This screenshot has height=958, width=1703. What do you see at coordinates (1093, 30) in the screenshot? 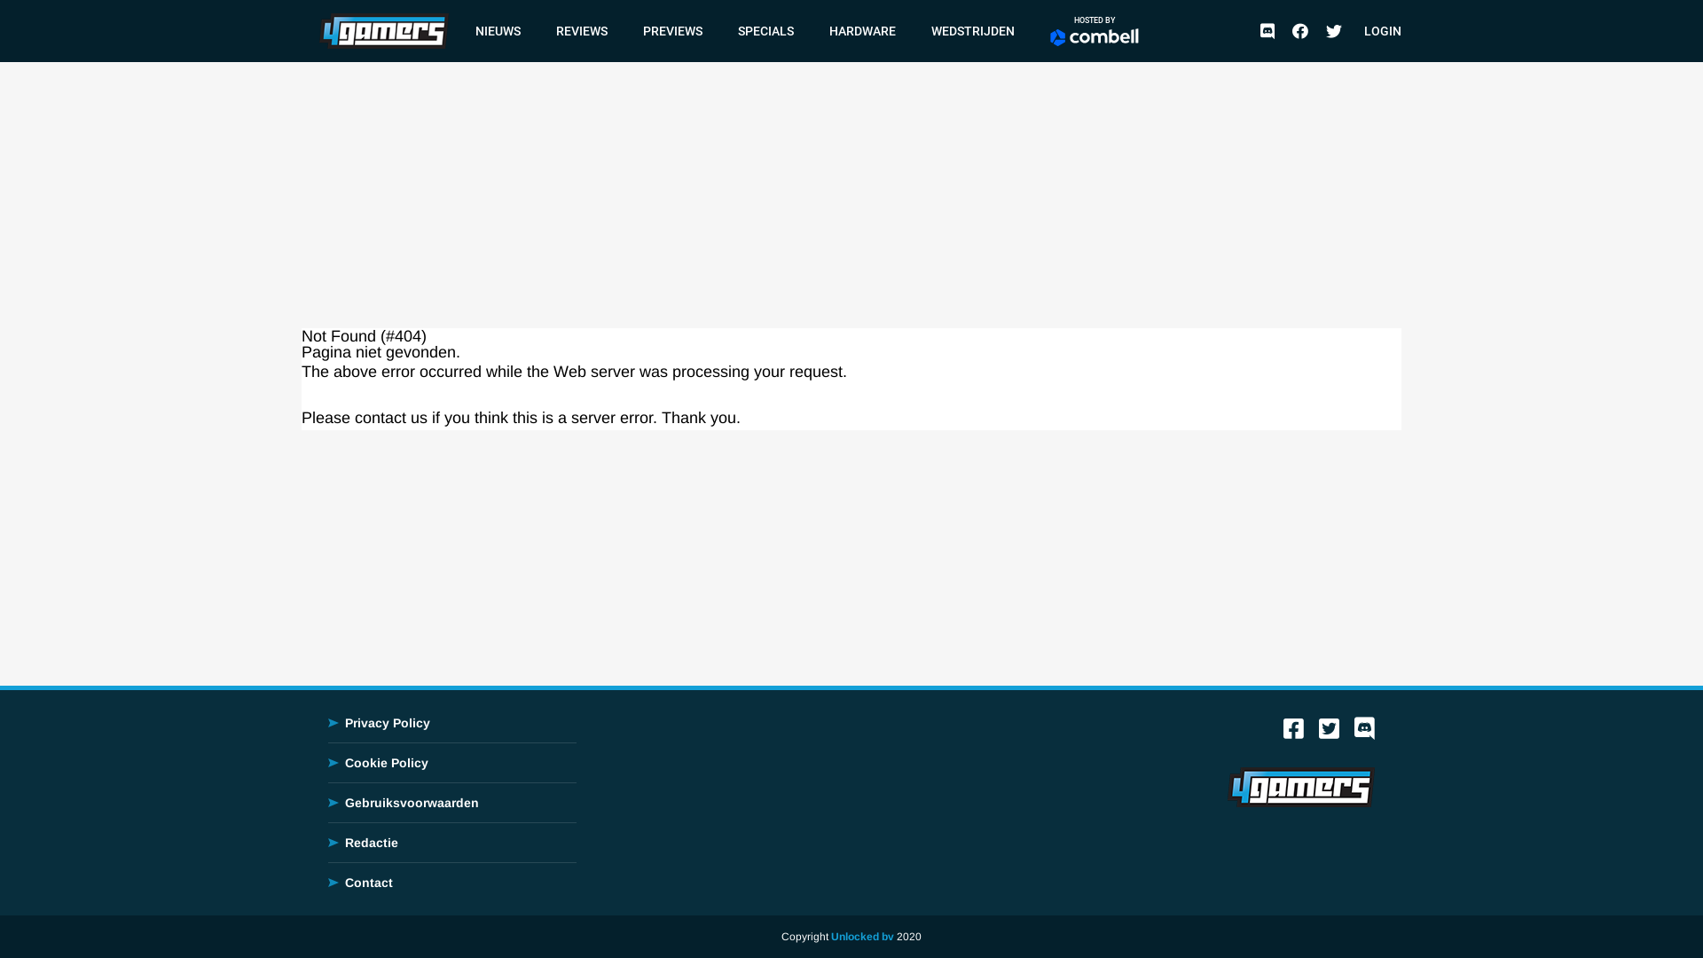
I see `'HOSTED BY'` at bounding box center [1093, 30].